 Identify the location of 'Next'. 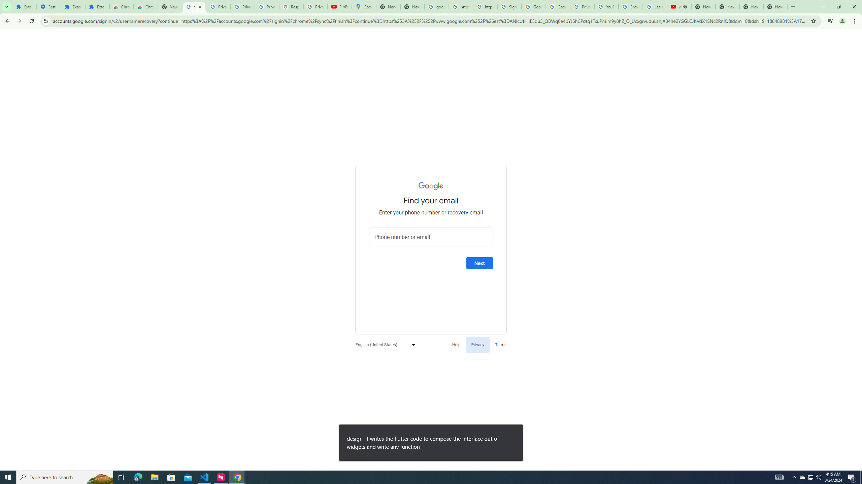
(479, 263).